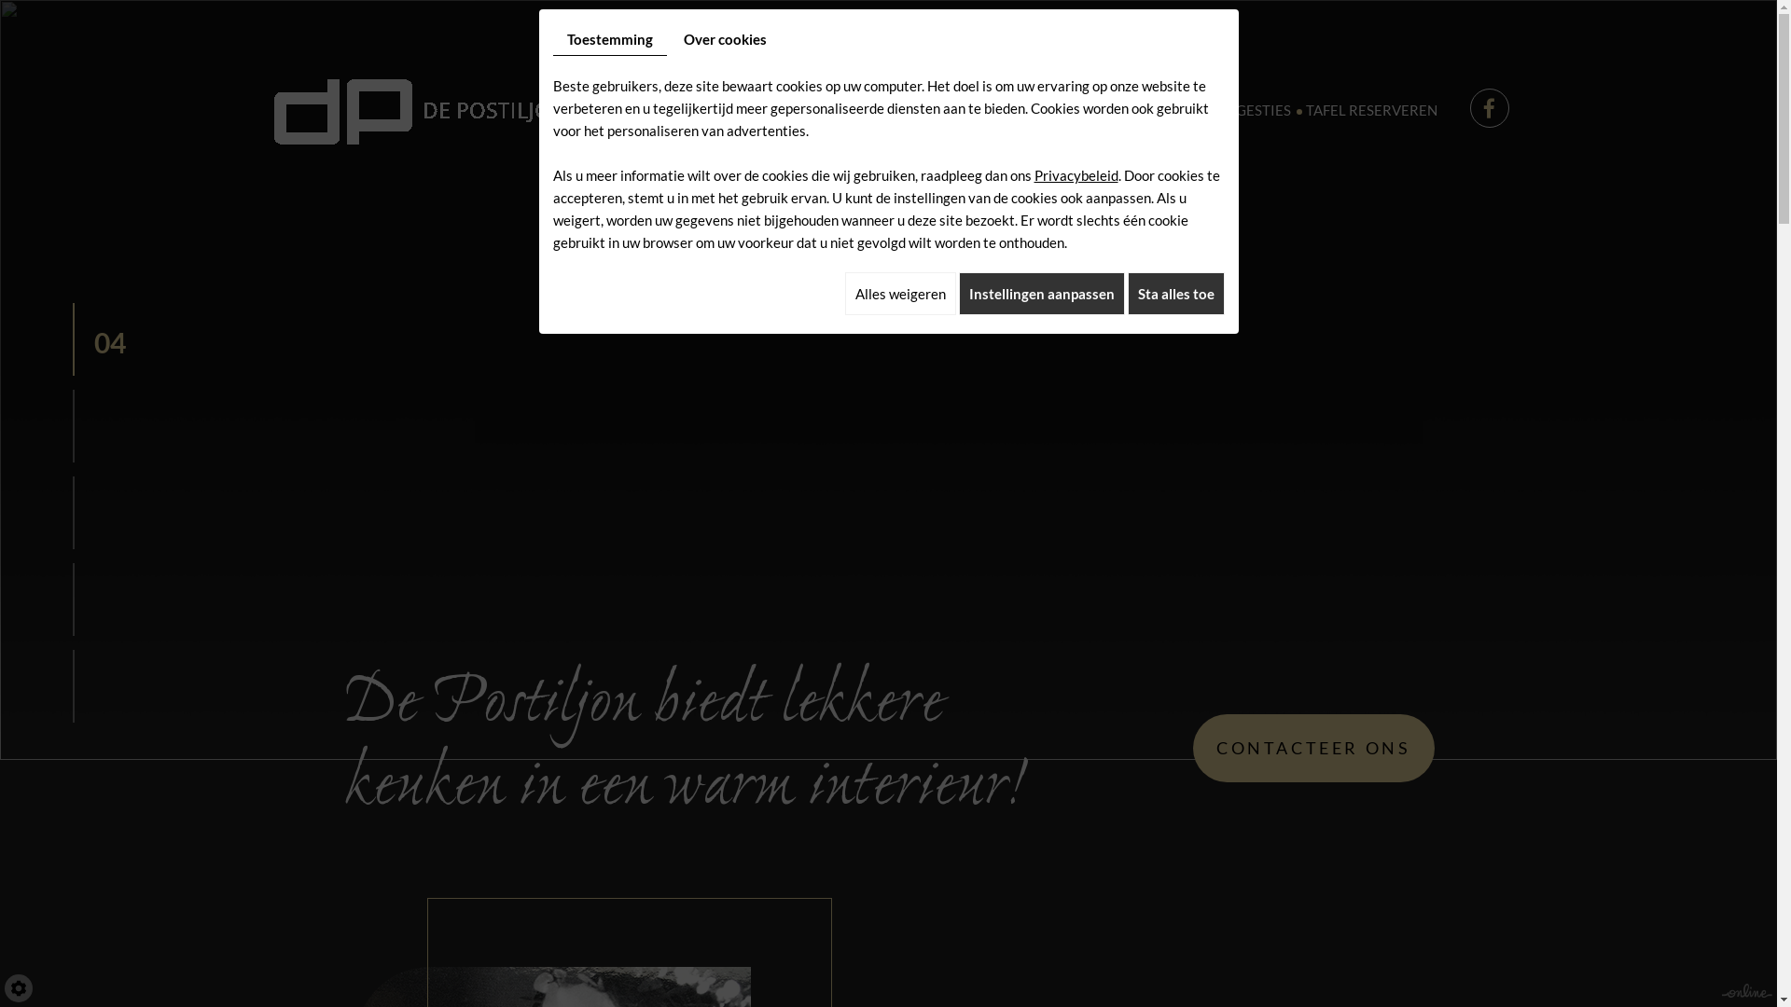  Describe the element at coordinates (18, 987) in the screenshot. I see `'Cookie-instelling bewerken'` at that location.